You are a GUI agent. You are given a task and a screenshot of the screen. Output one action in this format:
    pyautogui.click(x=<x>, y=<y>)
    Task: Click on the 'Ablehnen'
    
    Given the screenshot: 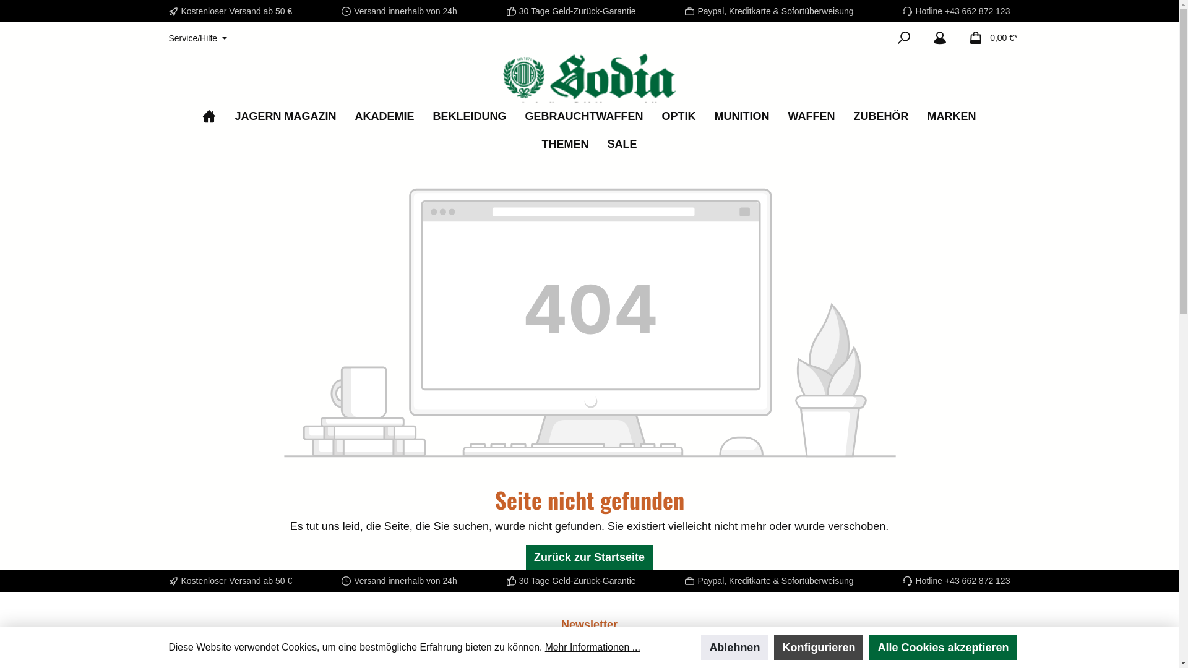 What is the action you would take?
    pyautogui.click(x=734, y=646)
    